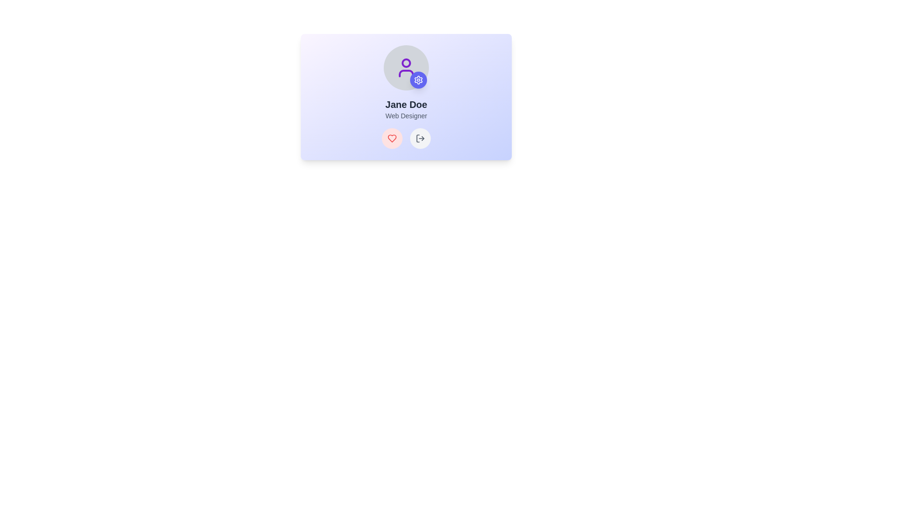 The image size is (904, 509). What do you see at coordinates (418, 79) in the screenshot?
I see `the settings icon located at the bottom-right corner of a card component` at bounding box center [418, 79].